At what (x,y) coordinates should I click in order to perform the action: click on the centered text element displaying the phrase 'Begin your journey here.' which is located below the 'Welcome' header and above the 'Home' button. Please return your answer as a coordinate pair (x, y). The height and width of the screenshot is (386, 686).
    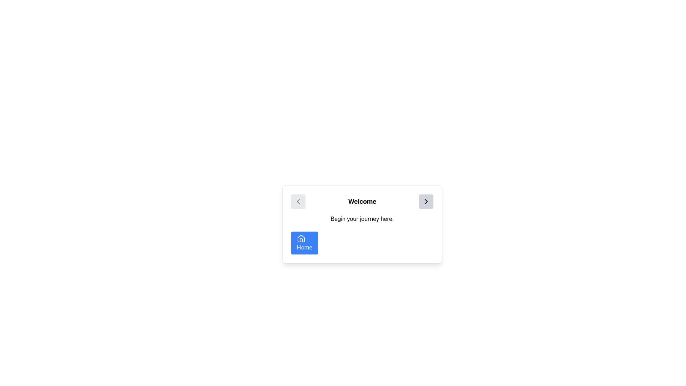
    Looking at the image, I should click on (362, 218).